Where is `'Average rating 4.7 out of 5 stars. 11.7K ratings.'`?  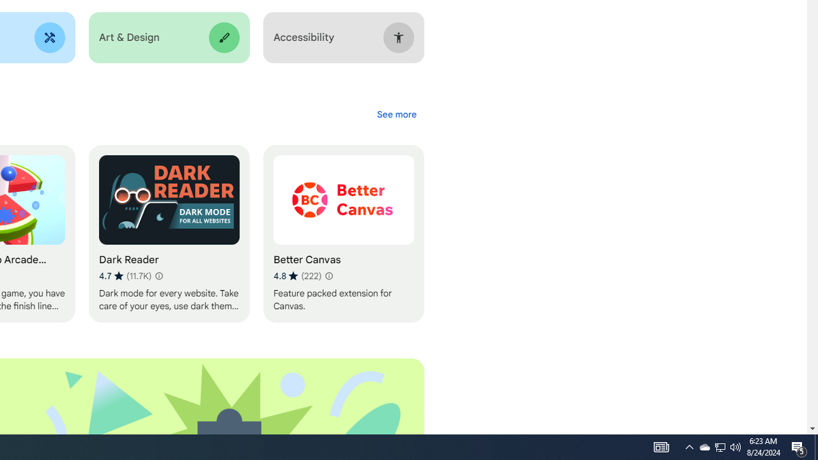 'Average rating 4.7 out of 5 stars. 11.7K ratings.' is located at coordinates (125, 275).